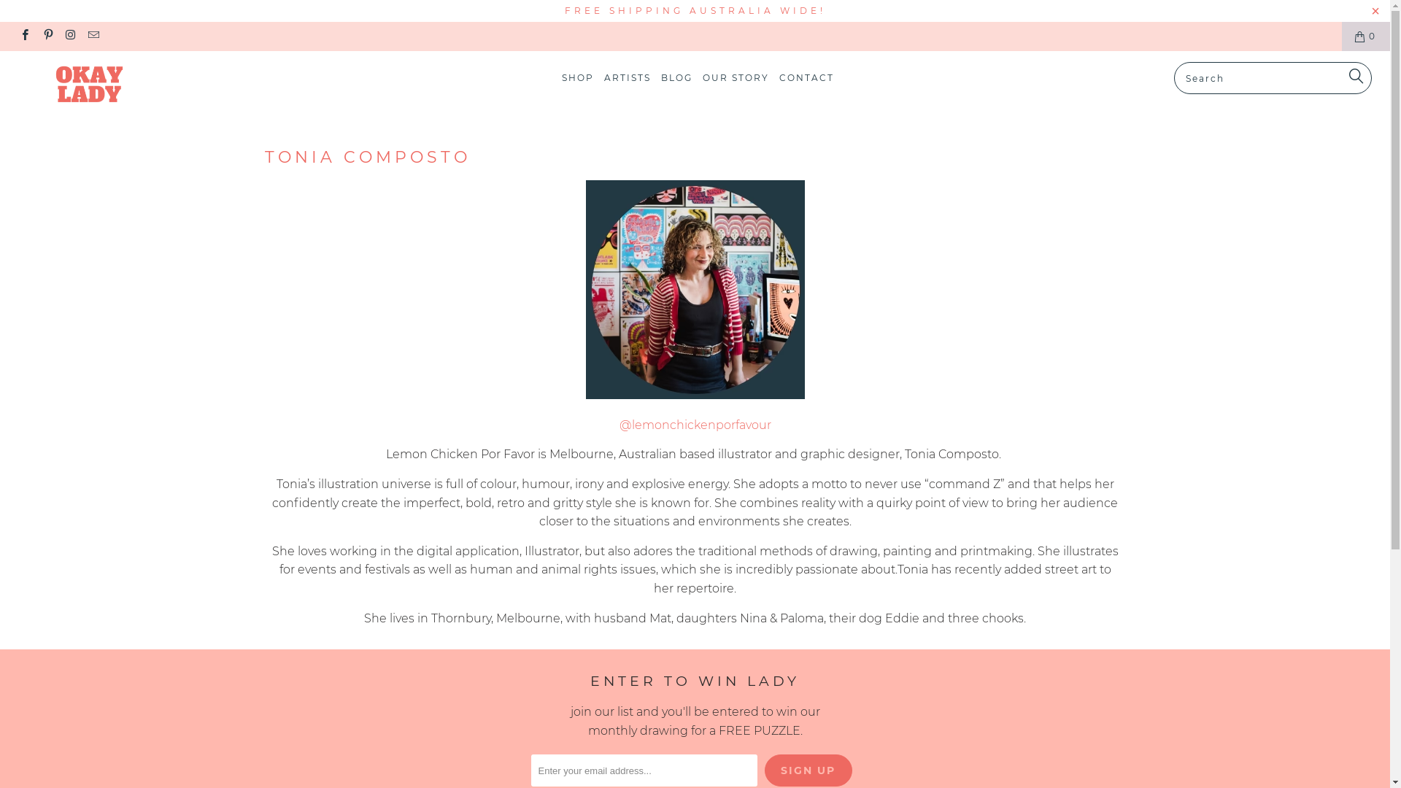  What do you see at coordinates (693, 425) in the screenshot?
I see `'@lemonchickenporfavour'` at bounding box center [693, 425].